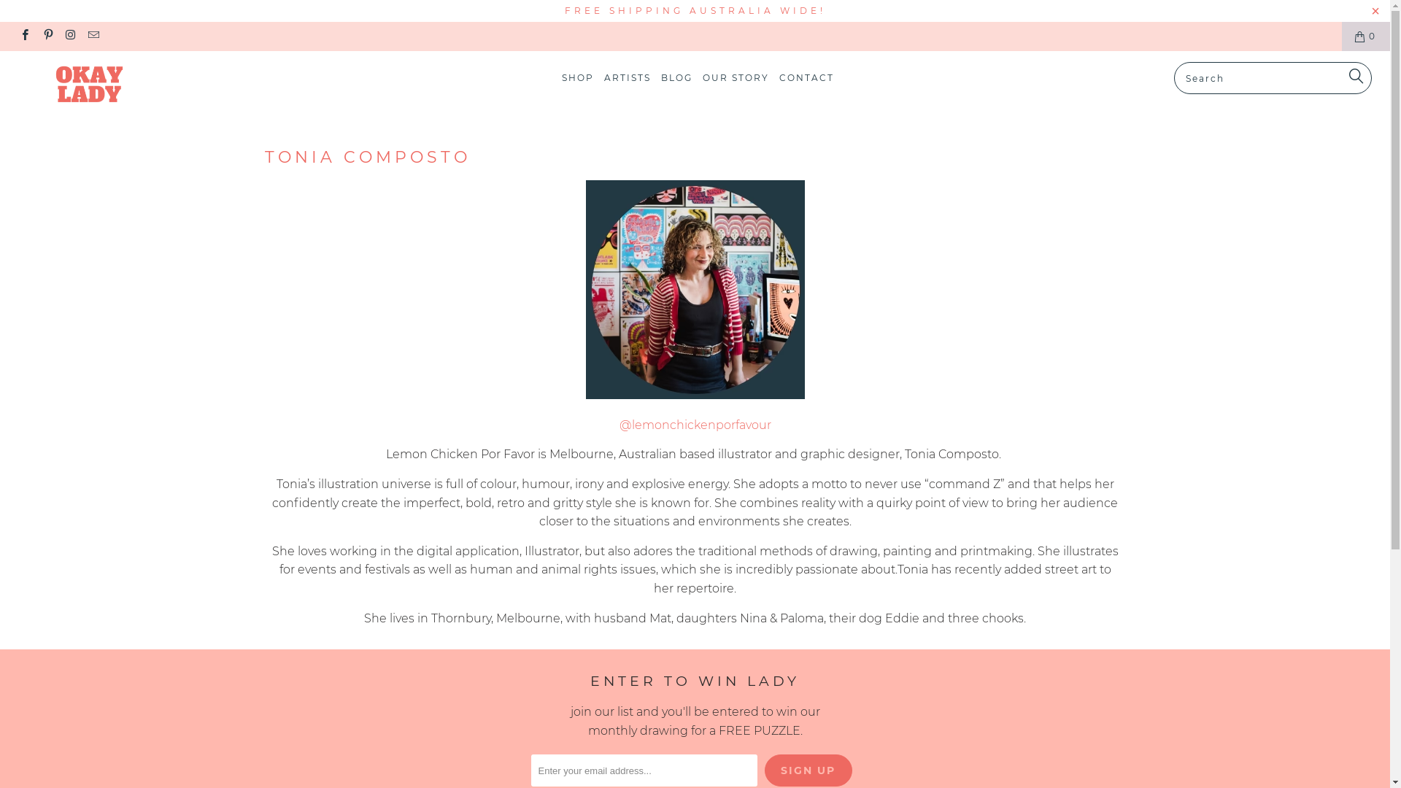  What do you see at coordinates (693, 425) in the screenshot?
I see `'@lemonchickenporfavour'` at bounding box center [693, 425].